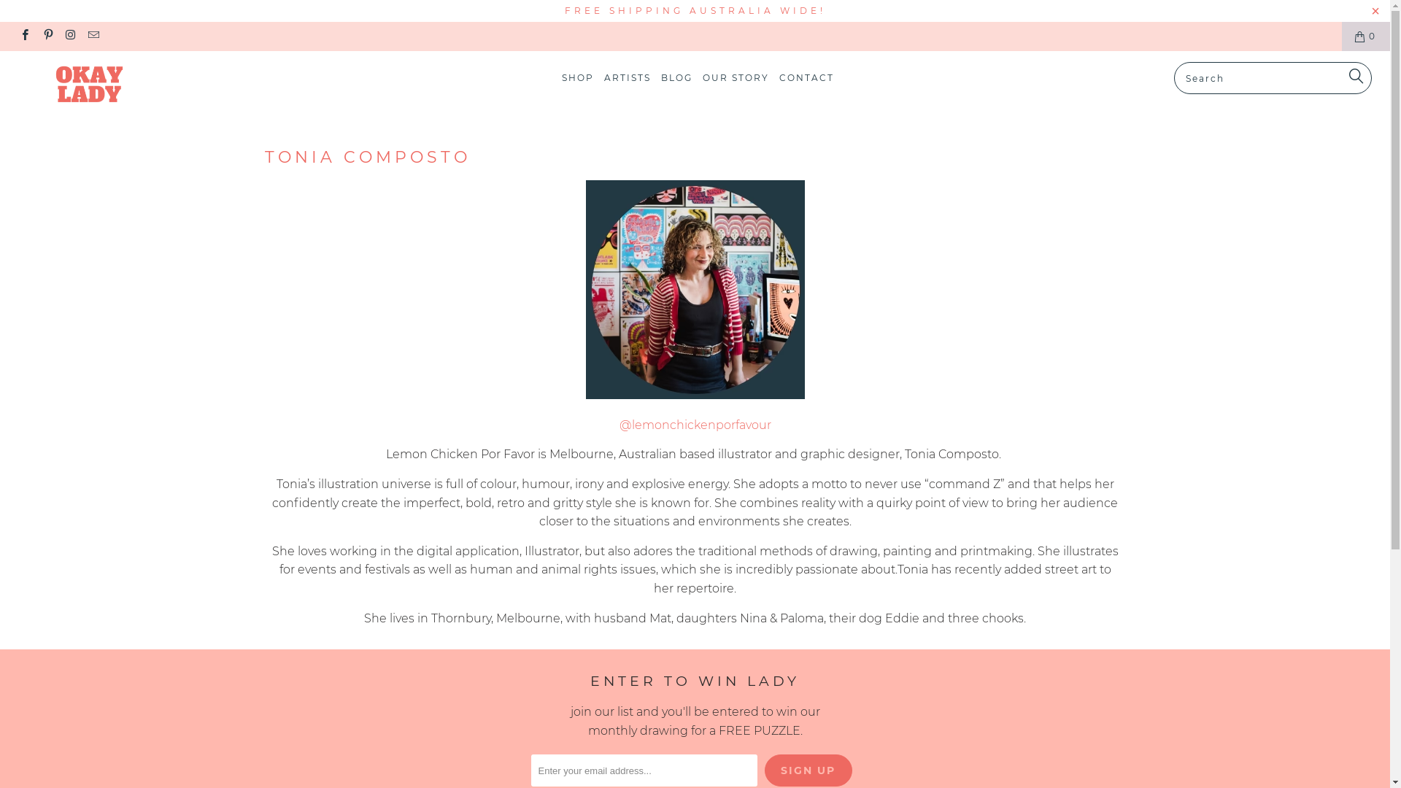  What do you see at coordinates (693, 425) in the screenshot?
I see `'@lemonchickenporfavour'` at bounding box center [693, 425].